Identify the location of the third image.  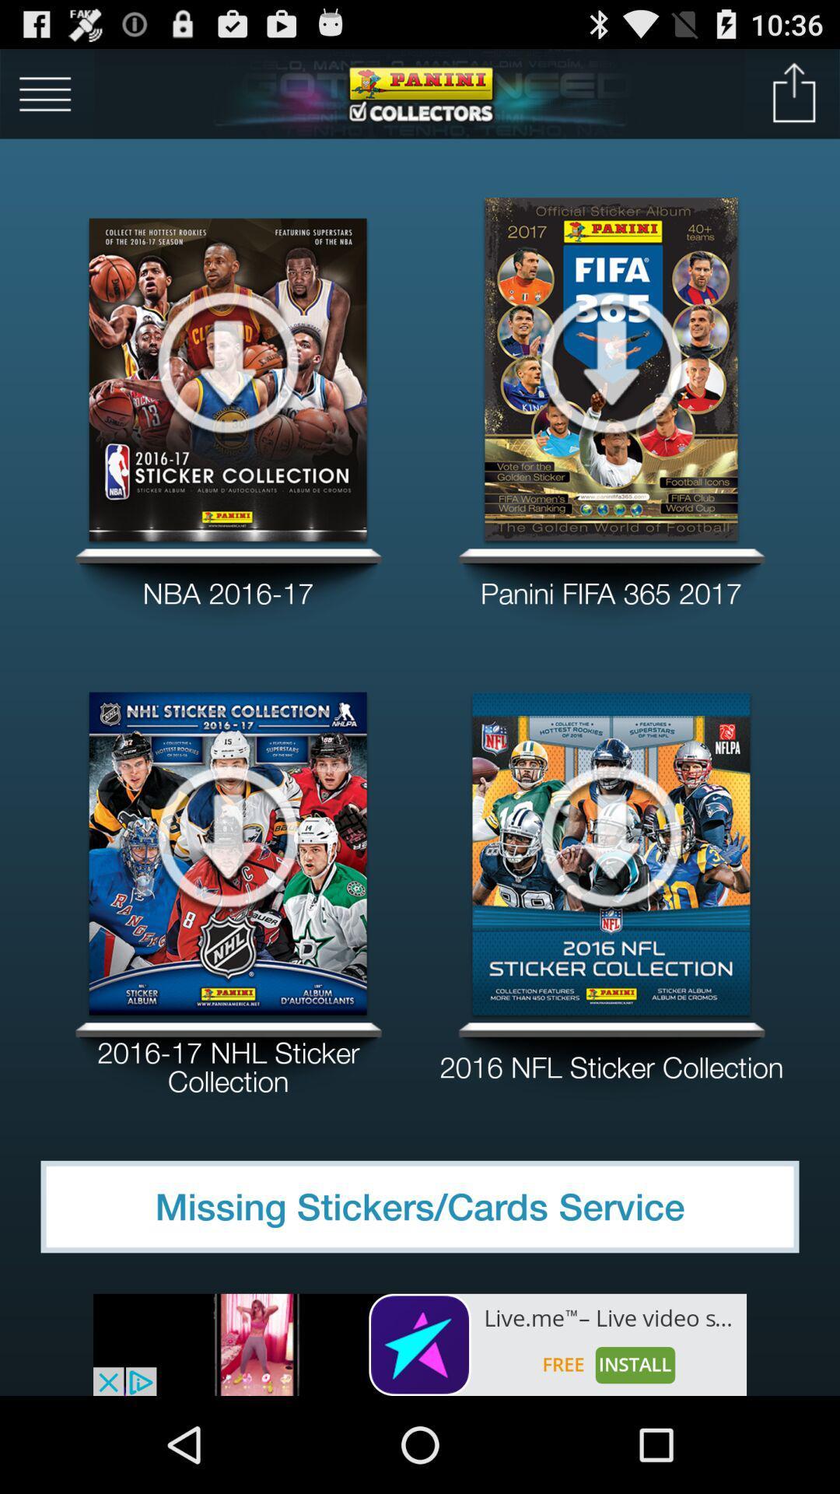
(228, 835).